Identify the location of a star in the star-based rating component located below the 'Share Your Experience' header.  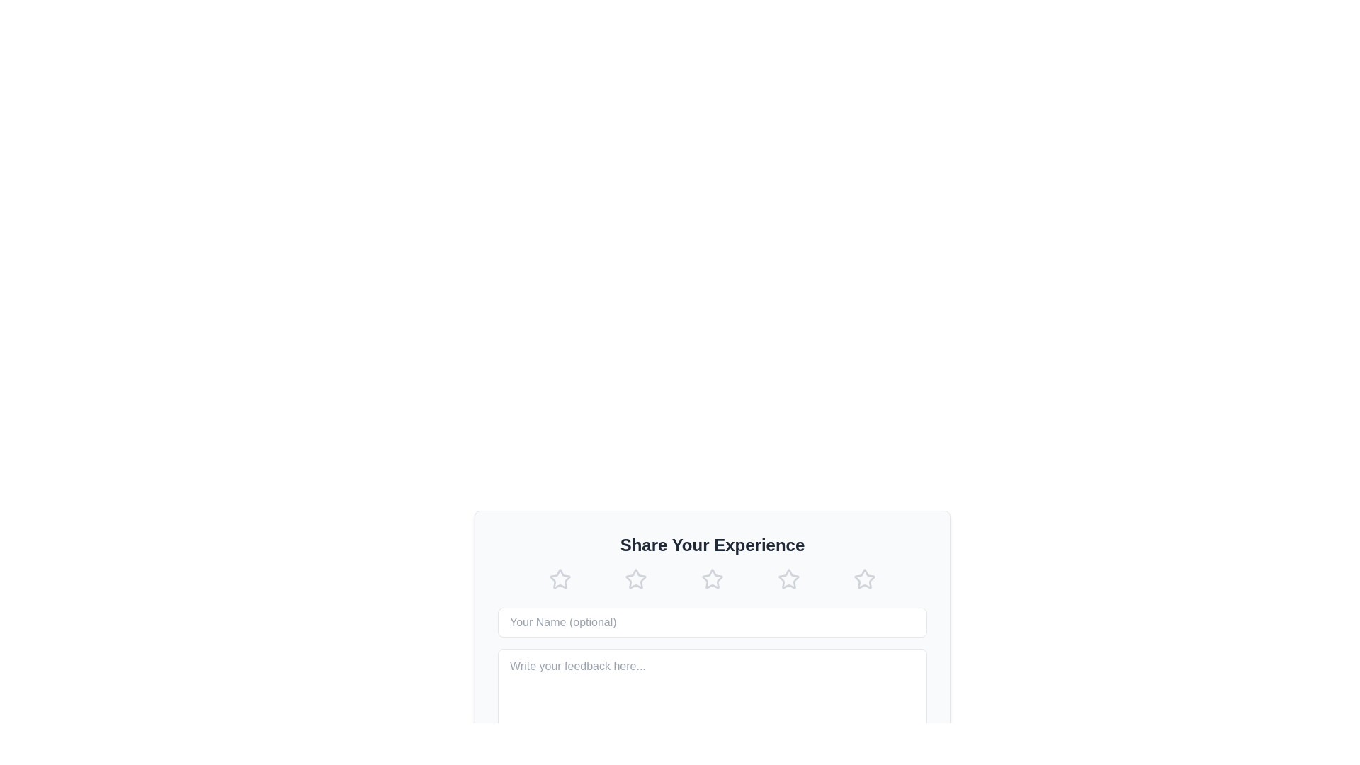
(713, 579).